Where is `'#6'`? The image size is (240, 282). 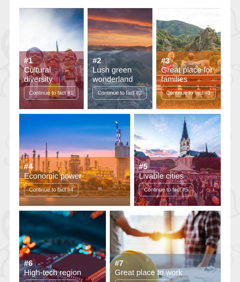 '#6' is located at coordinates (28, 263).